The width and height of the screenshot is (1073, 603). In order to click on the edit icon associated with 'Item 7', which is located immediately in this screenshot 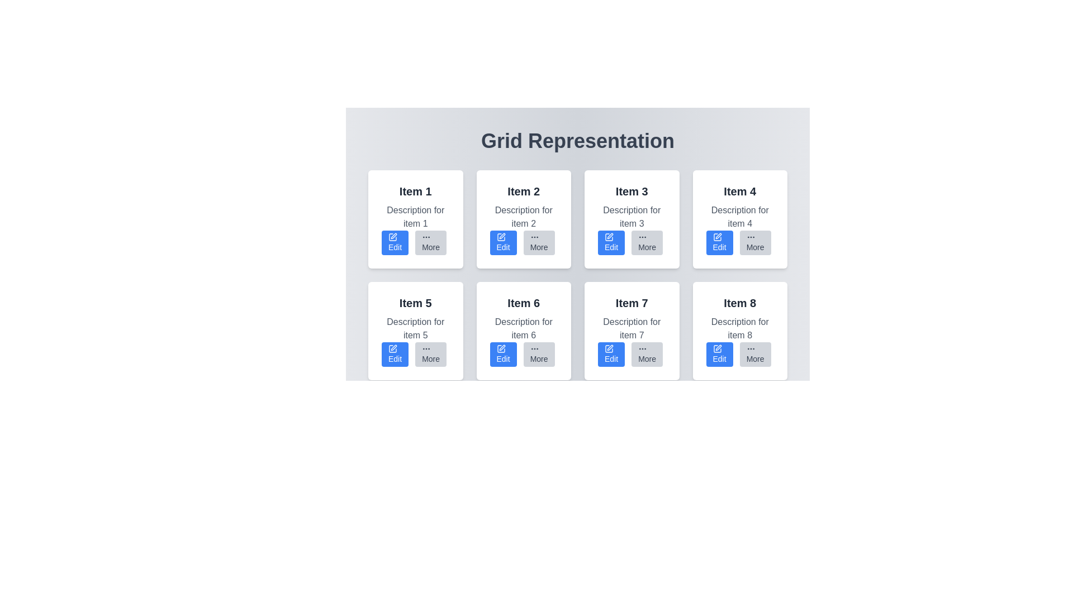, I will do `click(609, 347)`.